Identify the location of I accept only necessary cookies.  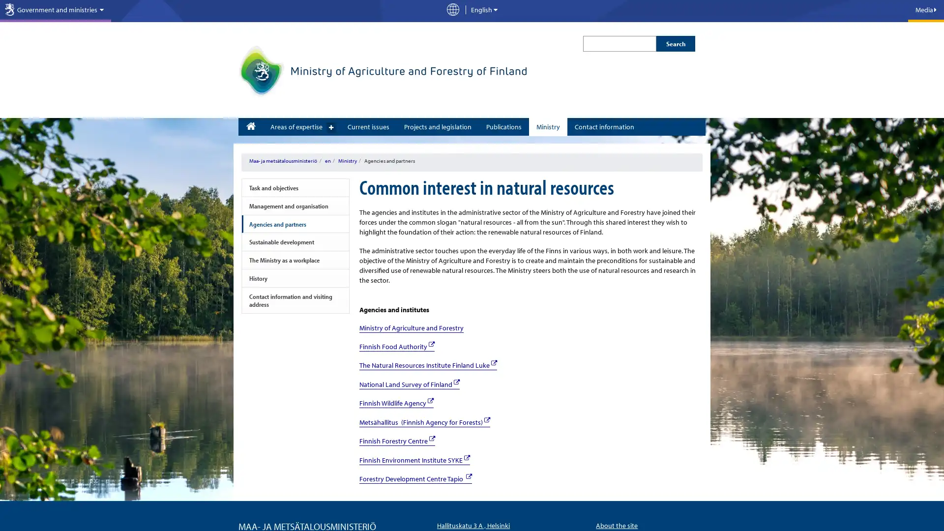
(516, 508).